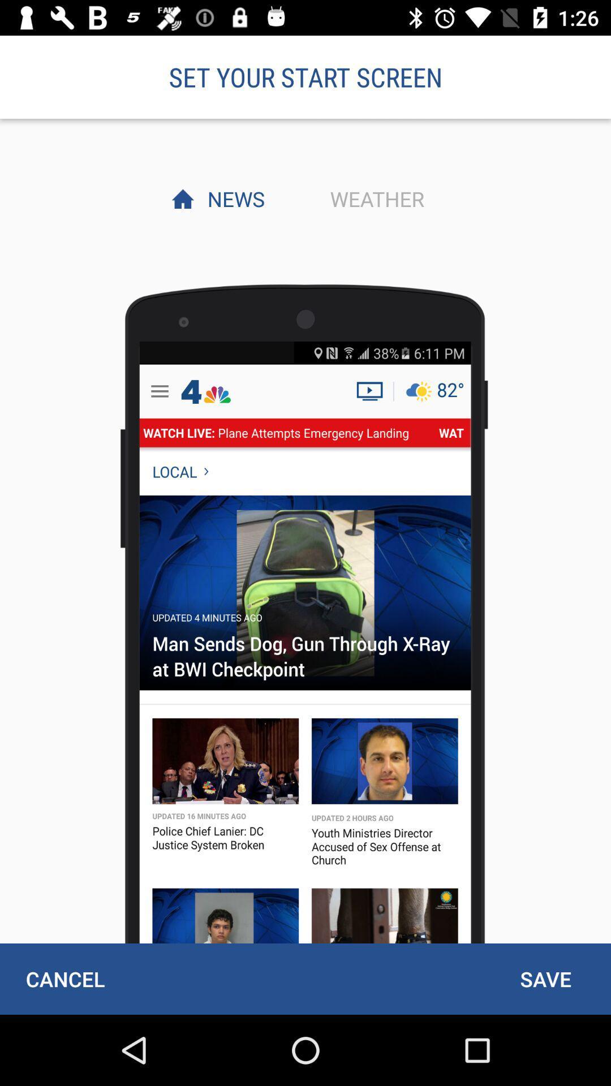 The width and height of the screenshot is (611, 1086). What do you see at coordinates (545, 979) in the screenshot?
I see `icon to the right of cancel` at bounding box center [545, 979].